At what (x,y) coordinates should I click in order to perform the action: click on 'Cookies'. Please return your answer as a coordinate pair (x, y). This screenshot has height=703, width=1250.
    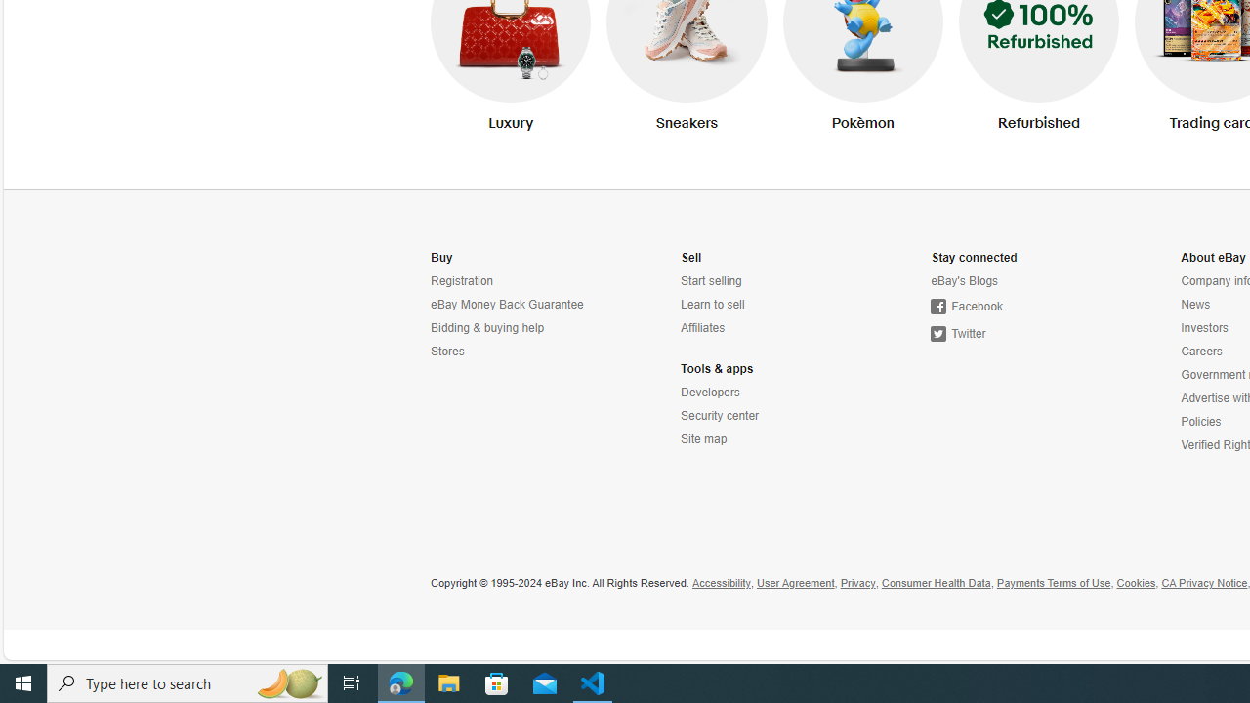
    Looking at the image, I should click on (1136, 582).